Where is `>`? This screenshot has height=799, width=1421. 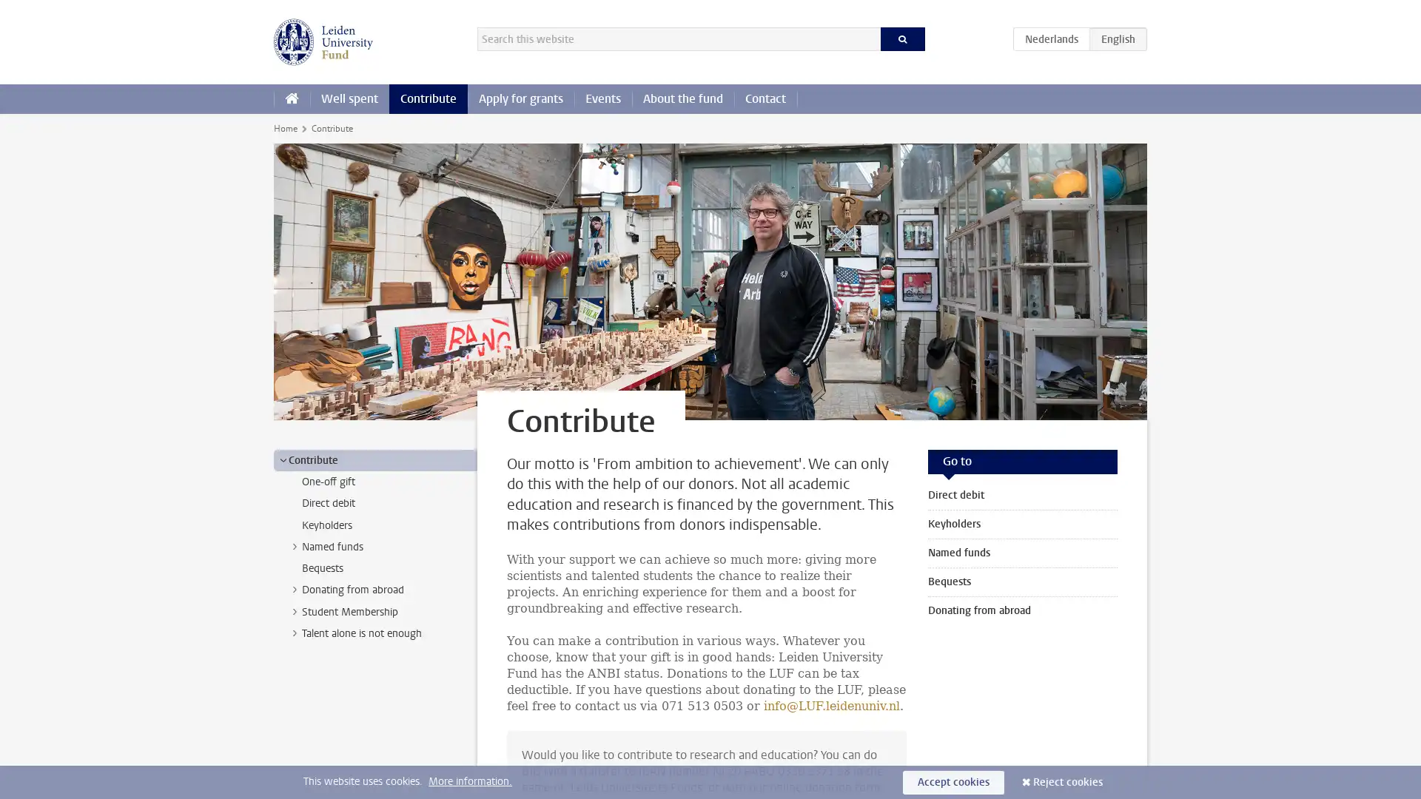
> is located at coordinates (295, 610).